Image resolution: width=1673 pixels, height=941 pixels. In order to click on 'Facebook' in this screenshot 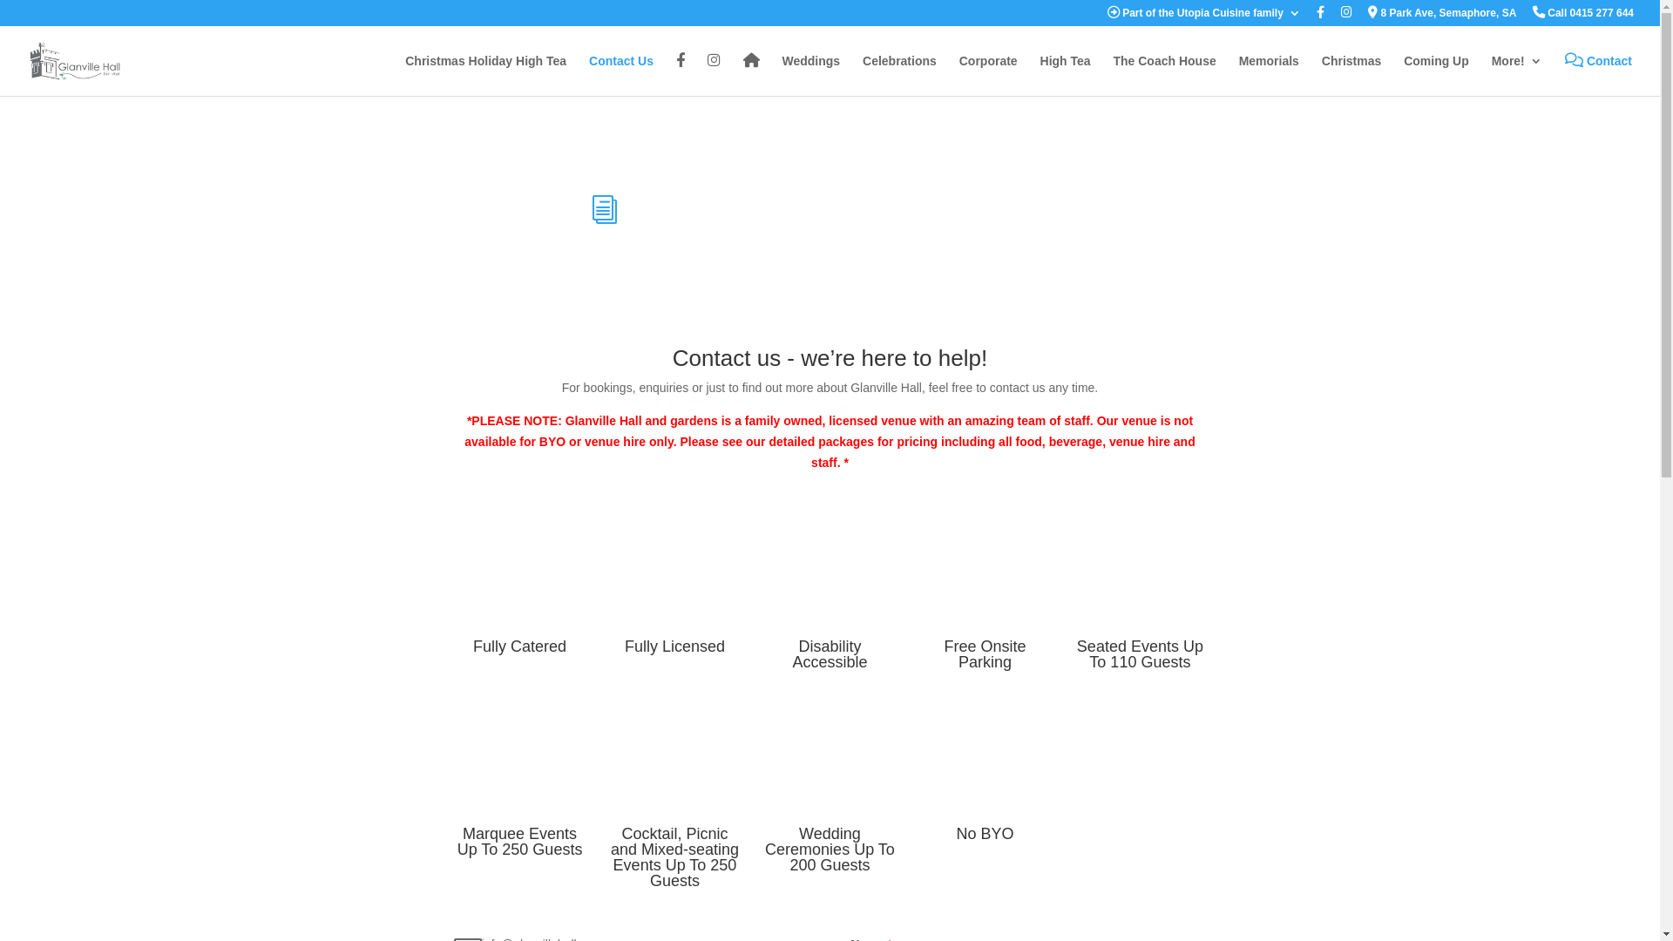, I will do `click(680, 74)`.